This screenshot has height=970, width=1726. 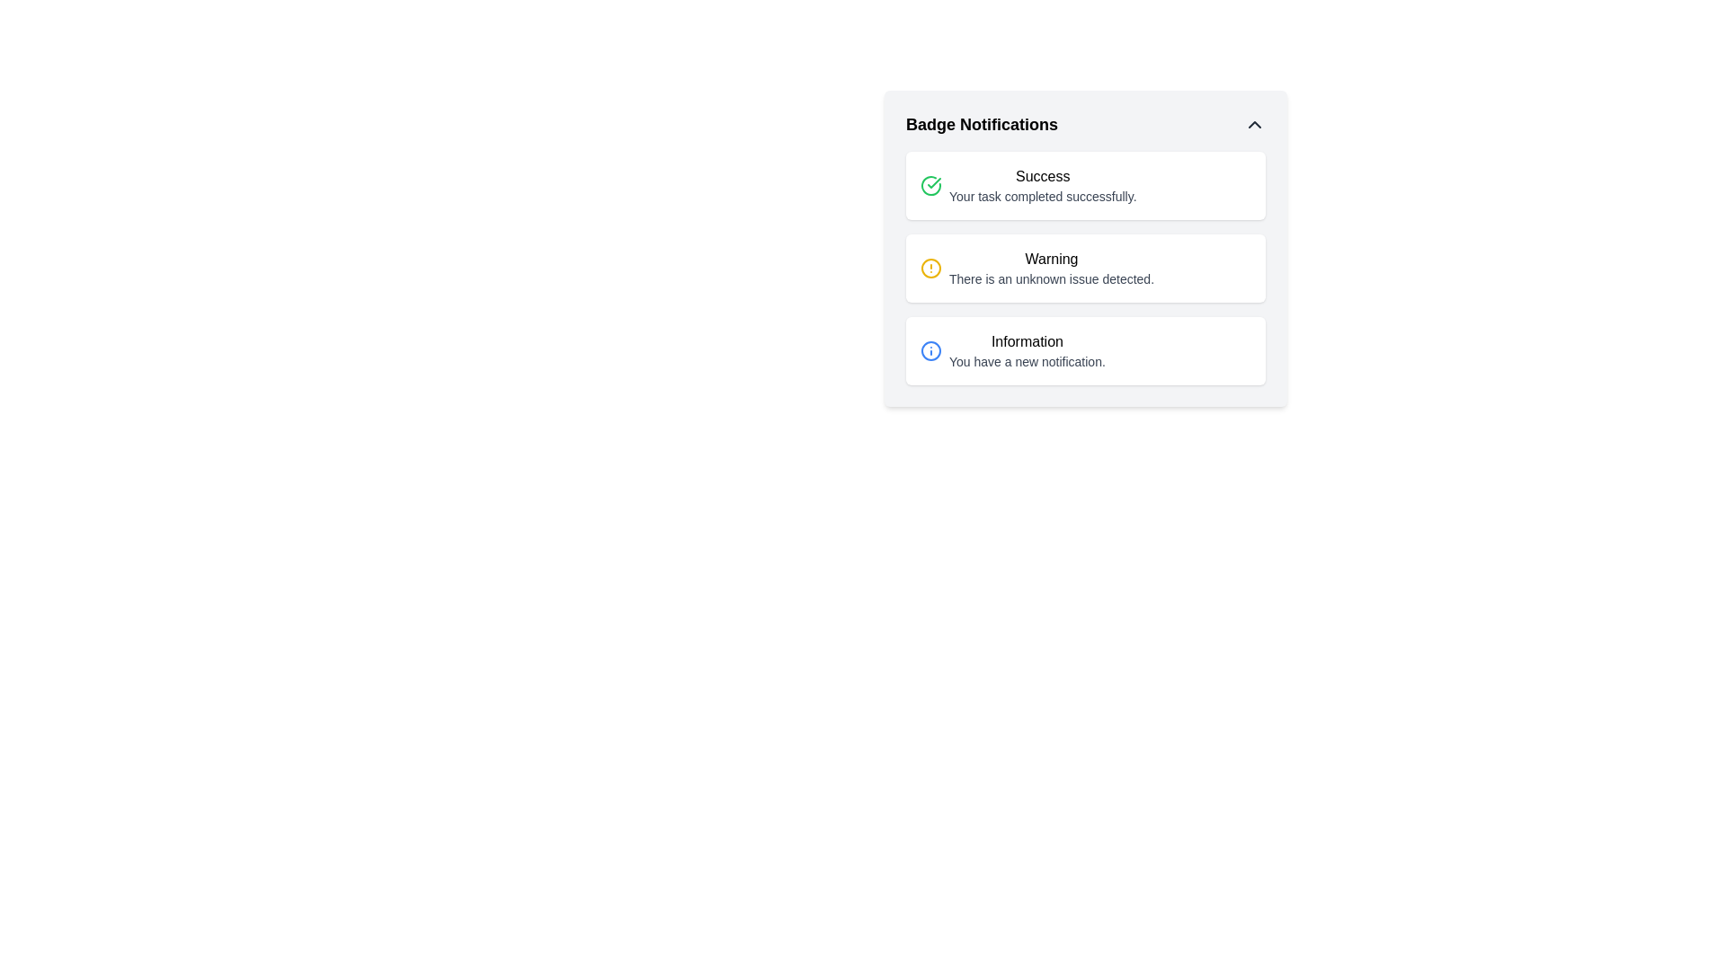 What do you see at coordinates (1085, 269) in the screenshot?
I see `the notification block containing three vertically stacked cards` at bounding box center [1085, 269].